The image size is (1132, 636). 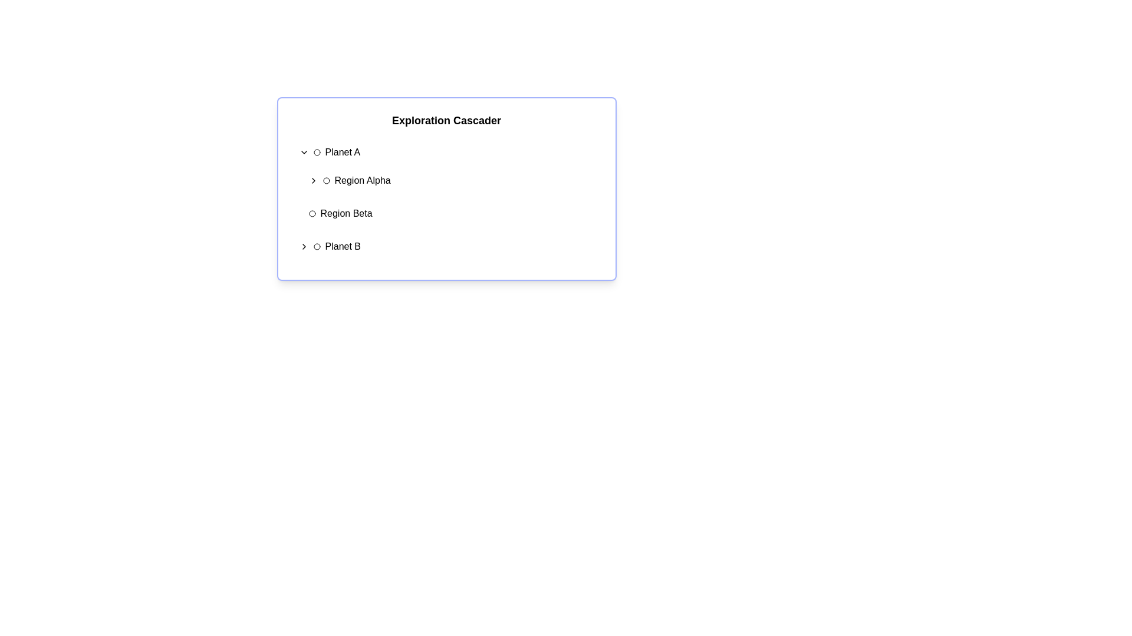 What do you see at coordinates (317, 151) in the screenshot?
I see `the circular hollow ring icon located to the left of the text 'Planet A'` at bounding box center [317, 151].